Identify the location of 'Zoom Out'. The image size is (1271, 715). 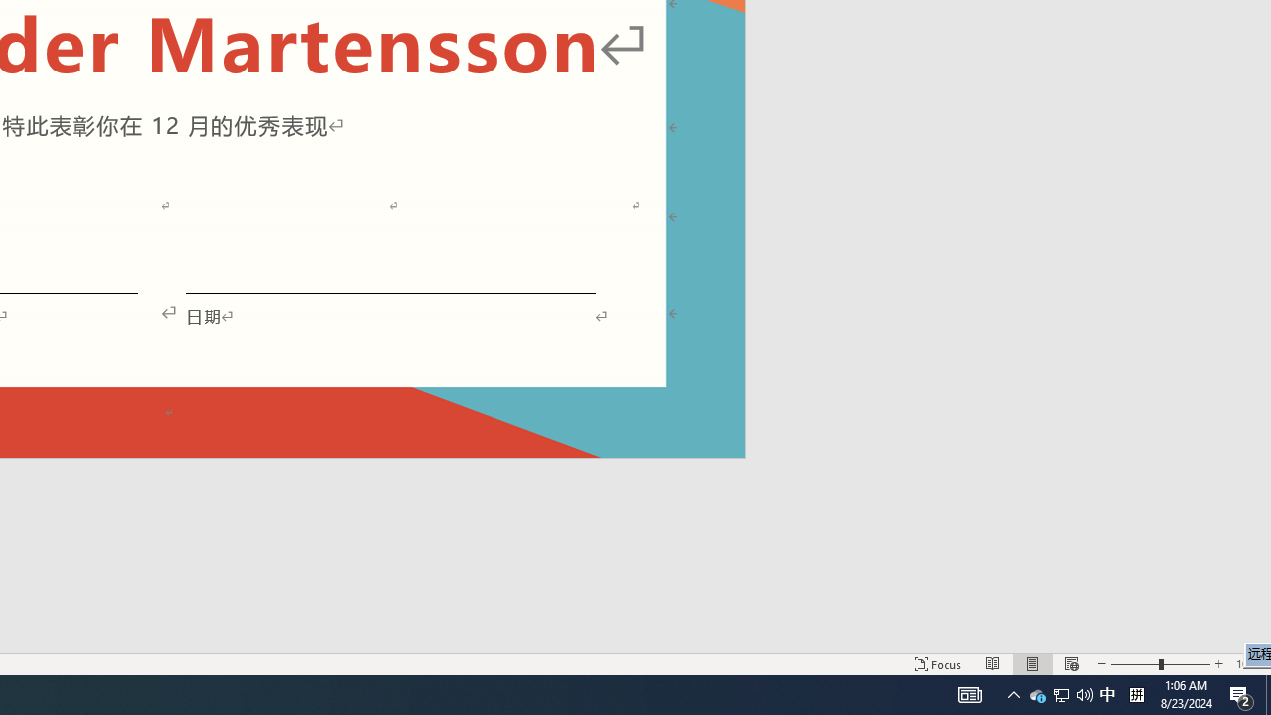
(1135, 664).